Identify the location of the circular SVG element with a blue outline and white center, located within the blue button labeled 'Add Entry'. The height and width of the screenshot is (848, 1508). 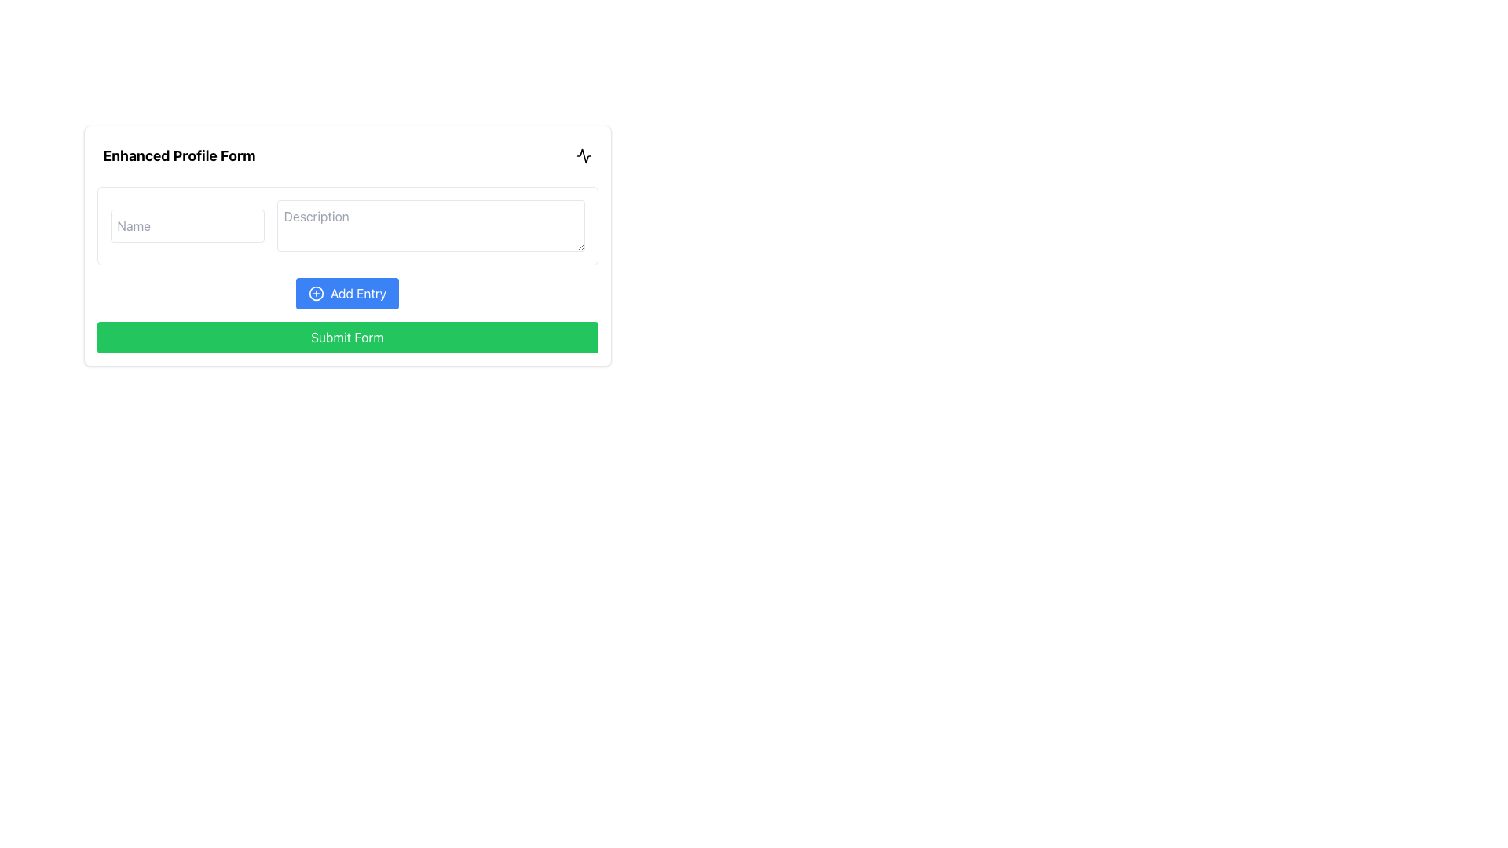
(315, 294).